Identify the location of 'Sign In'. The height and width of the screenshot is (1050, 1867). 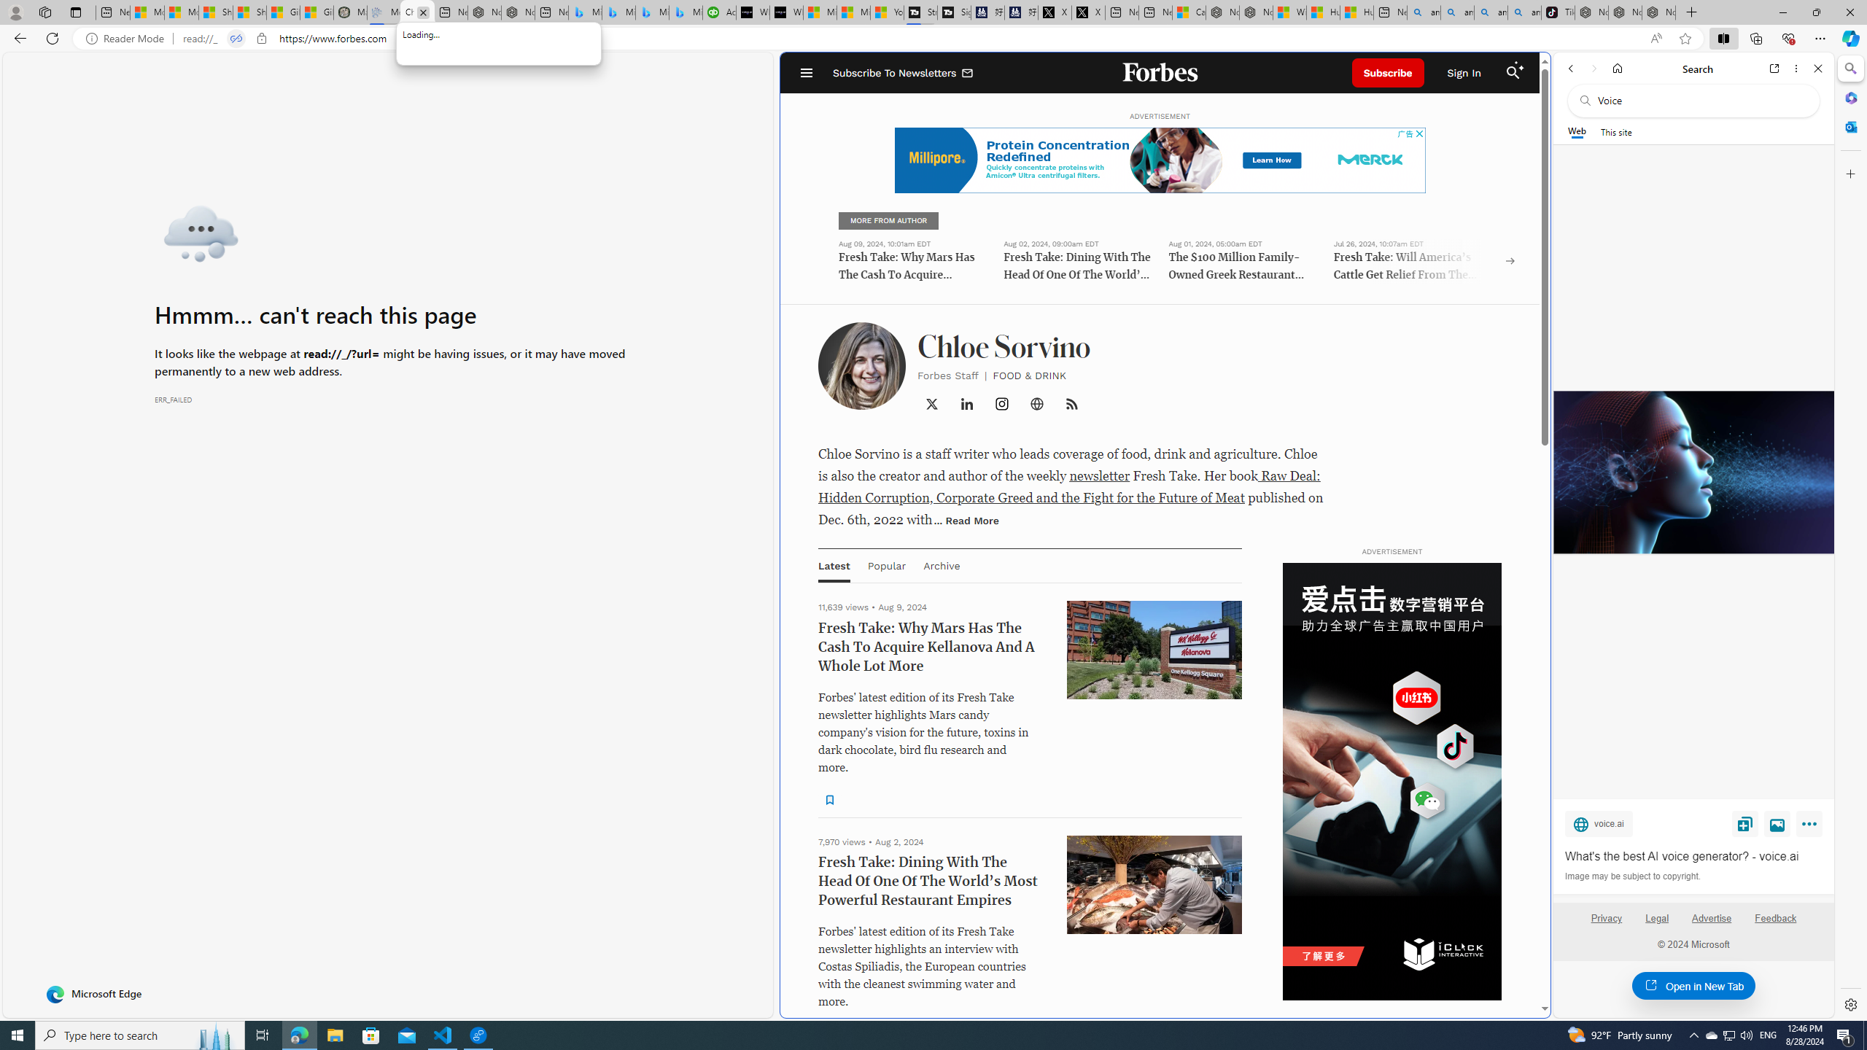
(1463, 72).